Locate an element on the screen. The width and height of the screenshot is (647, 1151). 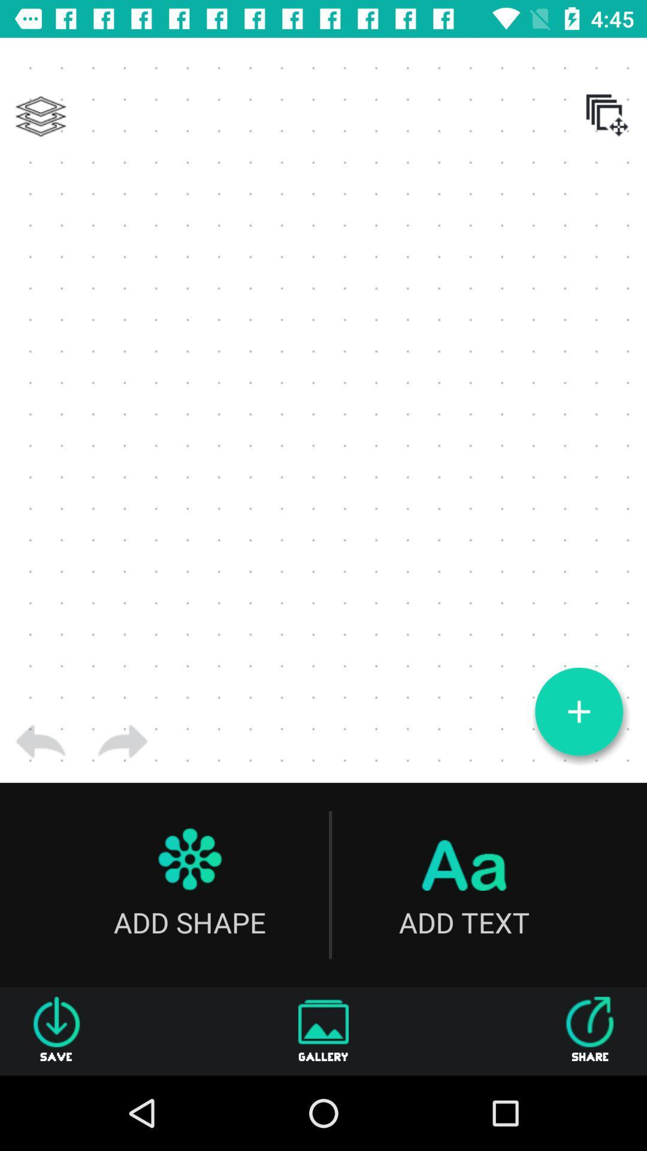
icon to the left of the share icon is located at coordinates (323, 1031).